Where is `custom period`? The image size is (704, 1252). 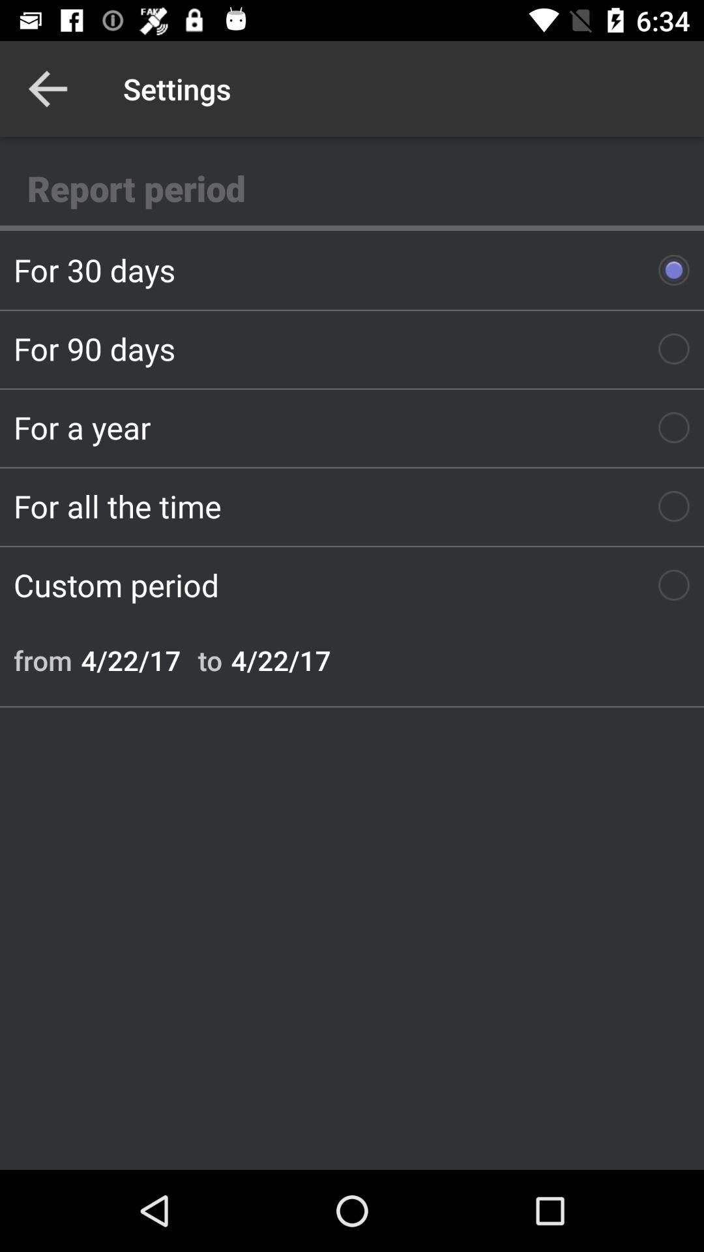
custom period is located at coordinates (352, 584).